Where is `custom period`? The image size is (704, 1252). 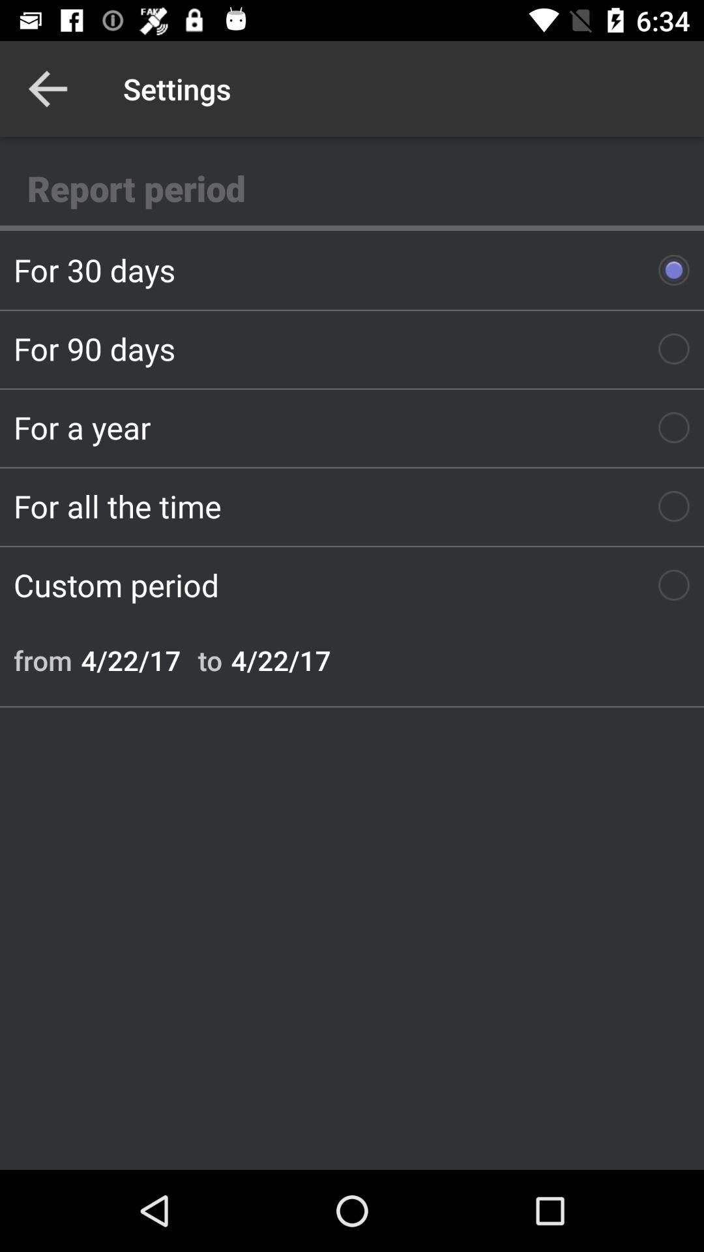
custom period is located at coordinates (352, 584).